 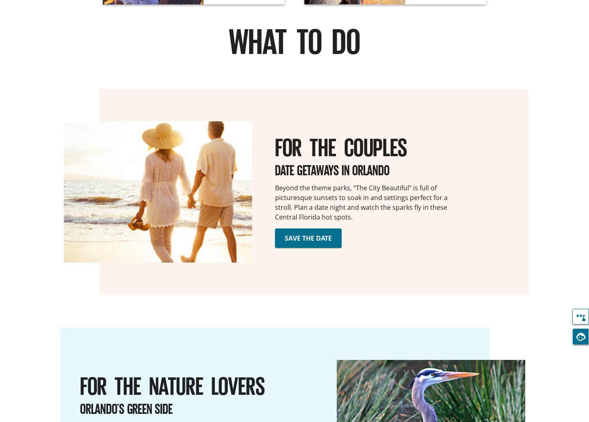 What do you see at coordinates (308, 237) in the screenshot?
I see `'SAVE THE DATE'` at bounding box center [308, 237].